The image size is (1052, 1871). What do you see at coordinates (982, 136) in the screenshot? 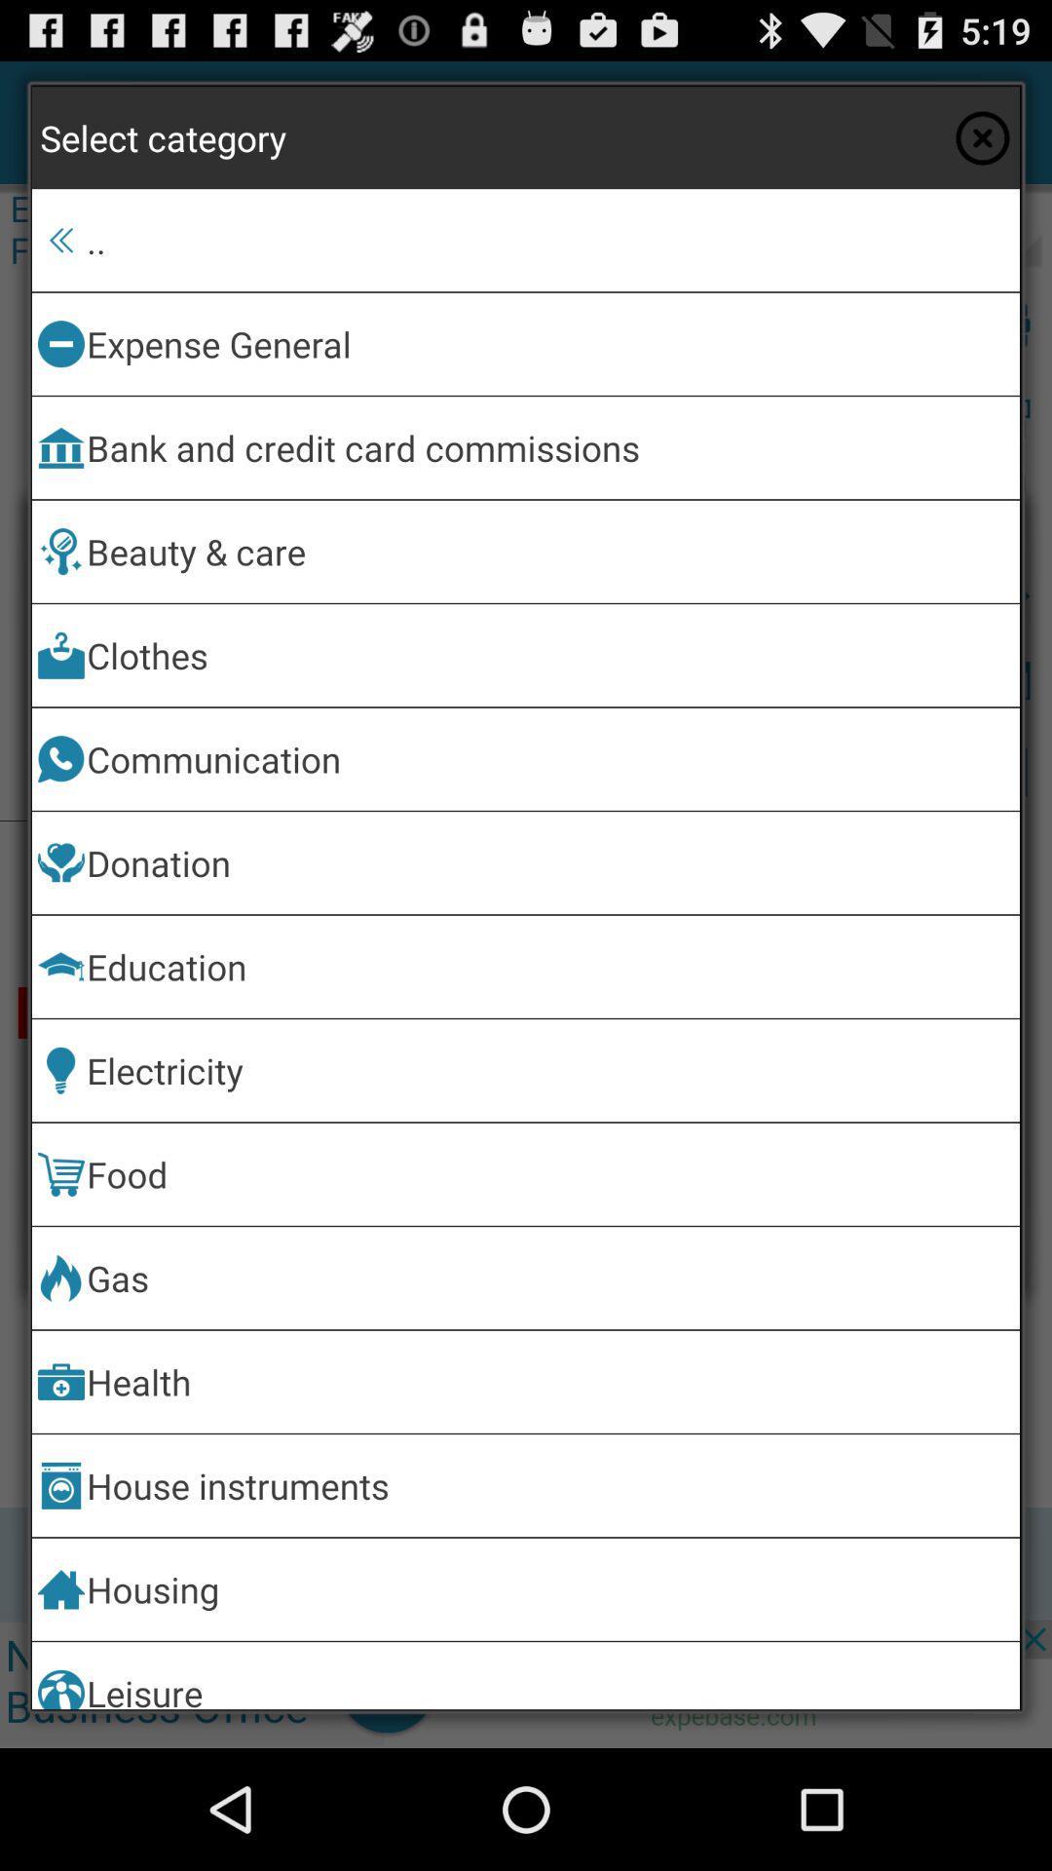
I see `the app above the .. icon` at bounding box center [982, 136].